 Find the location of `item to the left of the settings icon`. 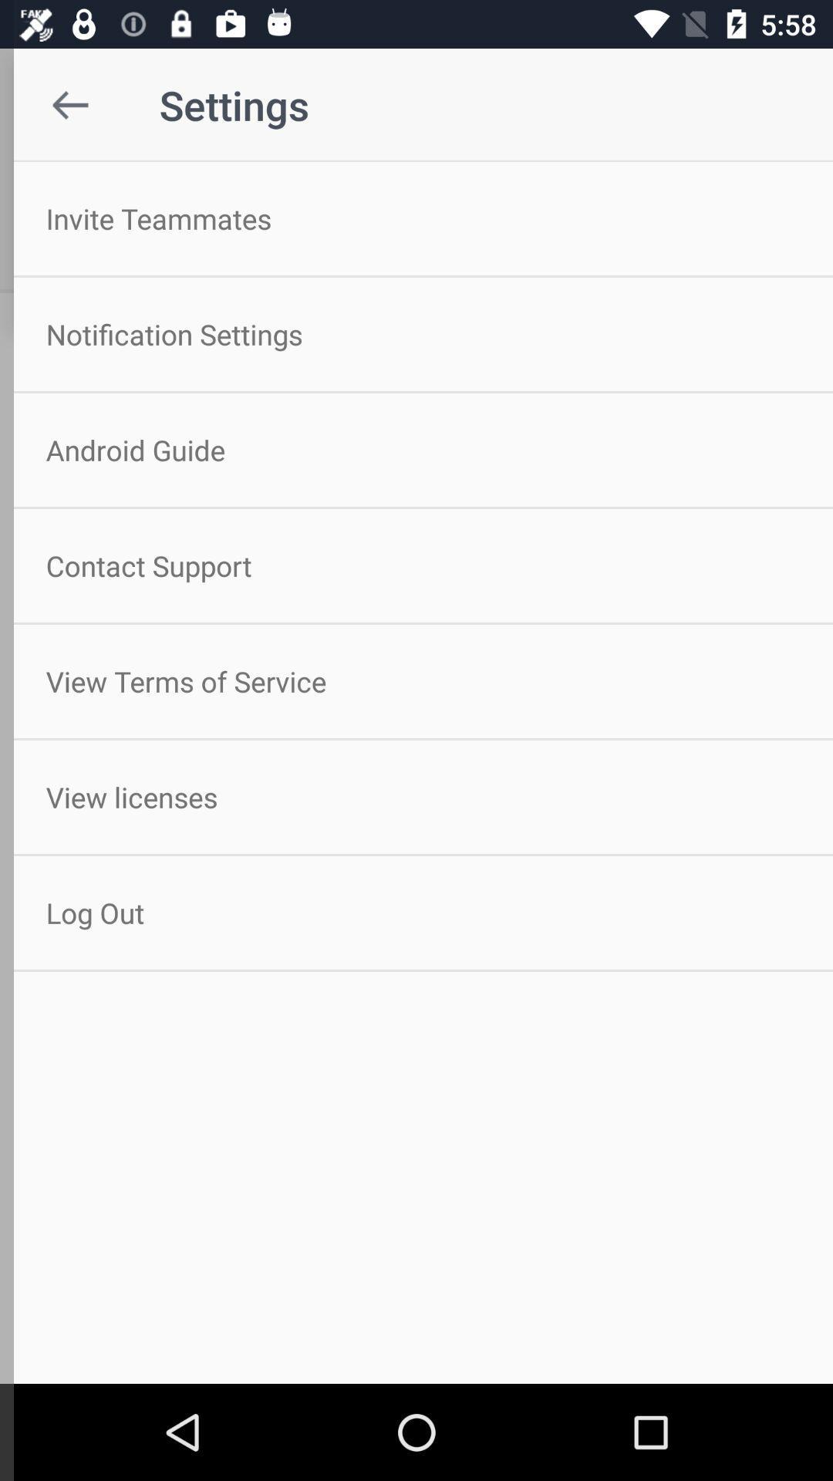

item to the left of the settings icon is located at coordinates (56, 104).